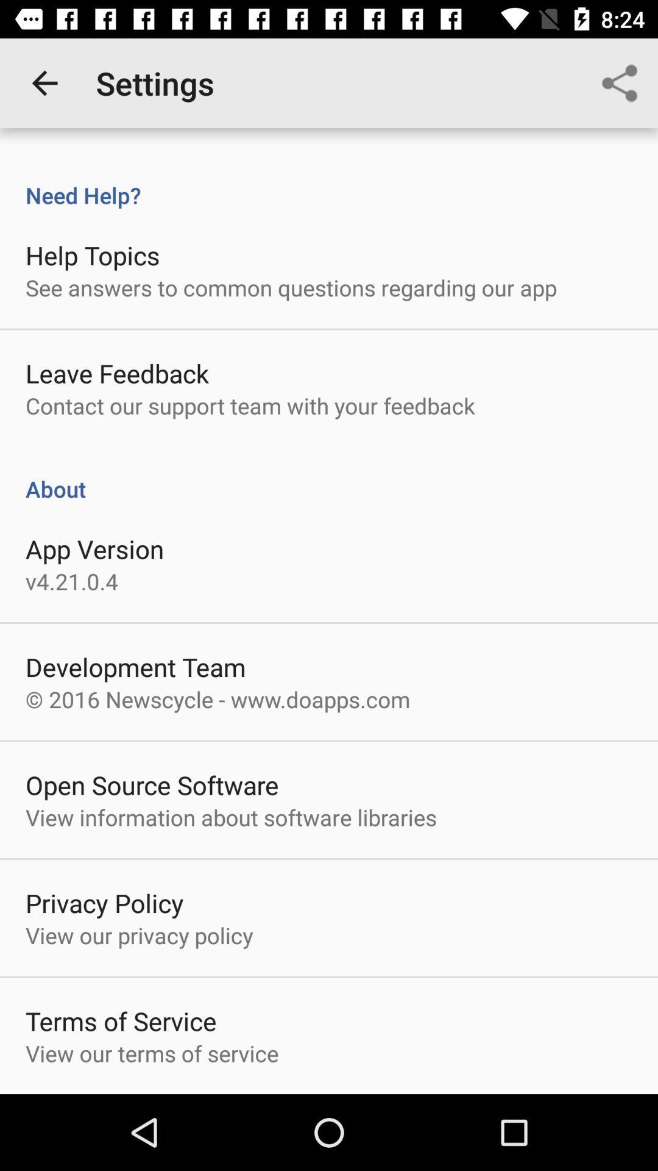 This screenshot has height=1171, width=658. I want to click on the need help? icon, so click(329, 182).